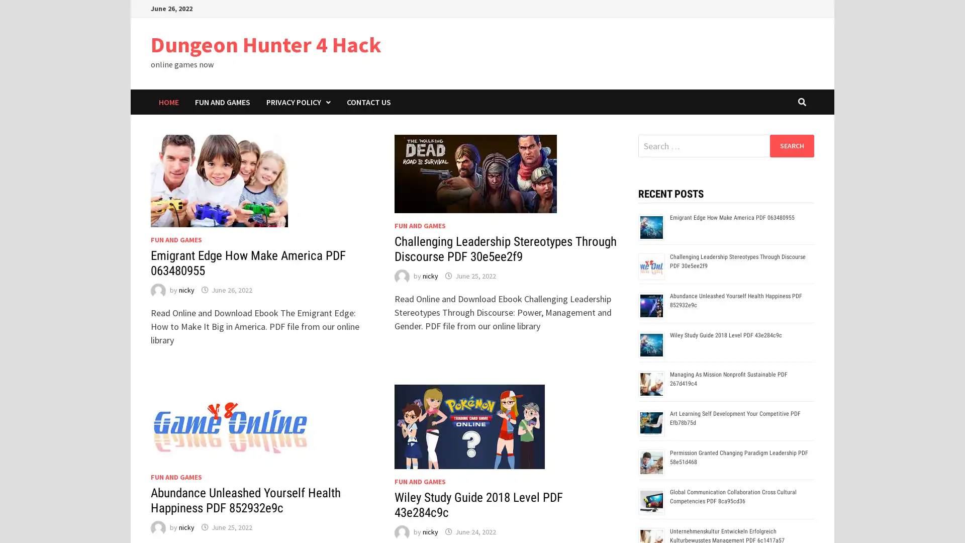 The width and height of the screenshot is (965, 543). Describe the element at coordinates (791, 145) in the screenshot. I see `Search` at that location.